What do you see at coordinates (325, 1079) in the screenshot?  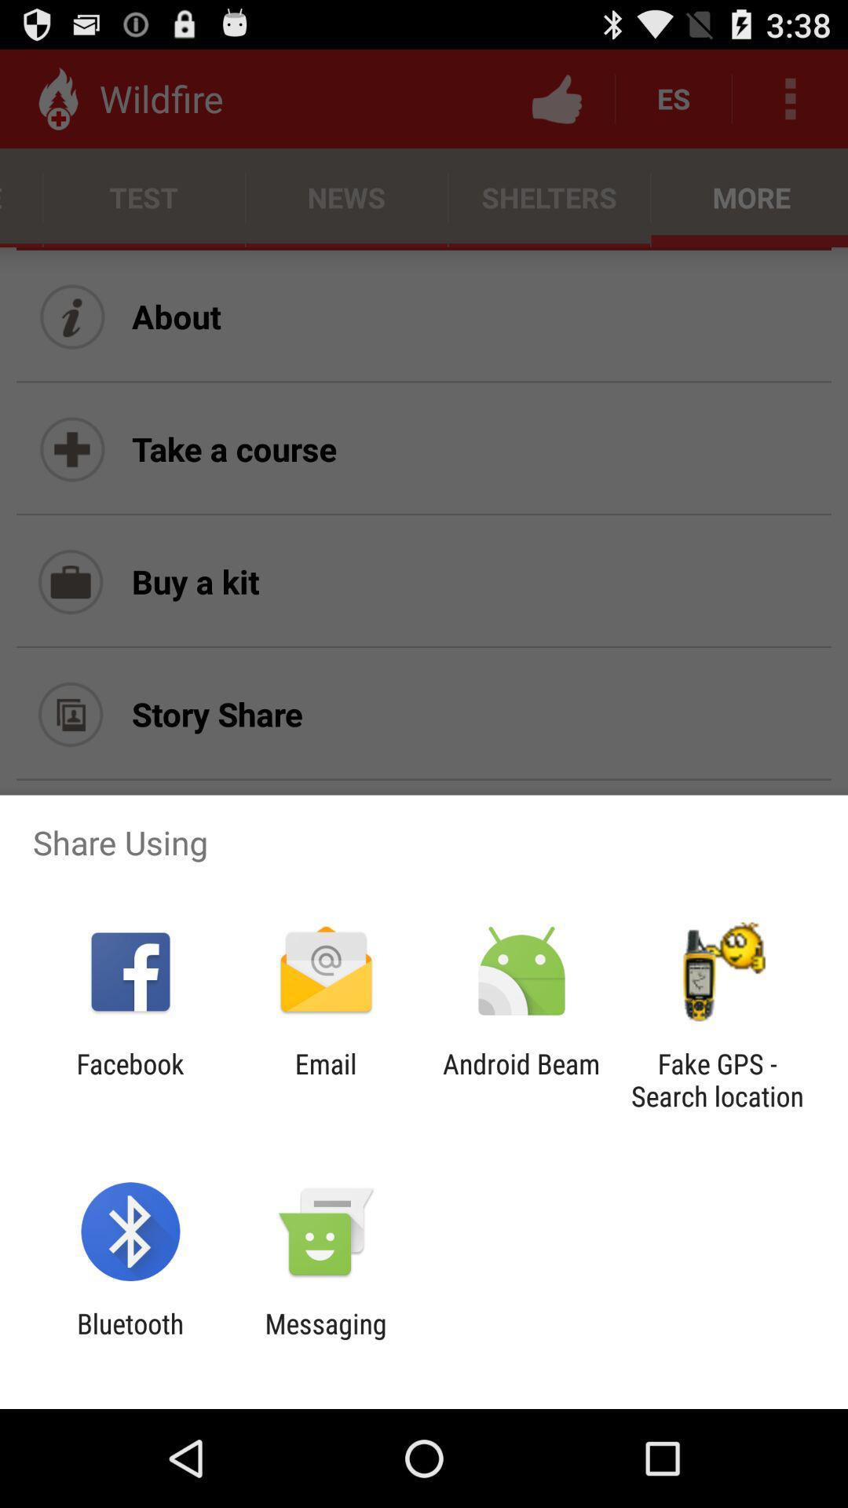 I see `the item to the left of the android beam` at bounding box center [325, 1079].